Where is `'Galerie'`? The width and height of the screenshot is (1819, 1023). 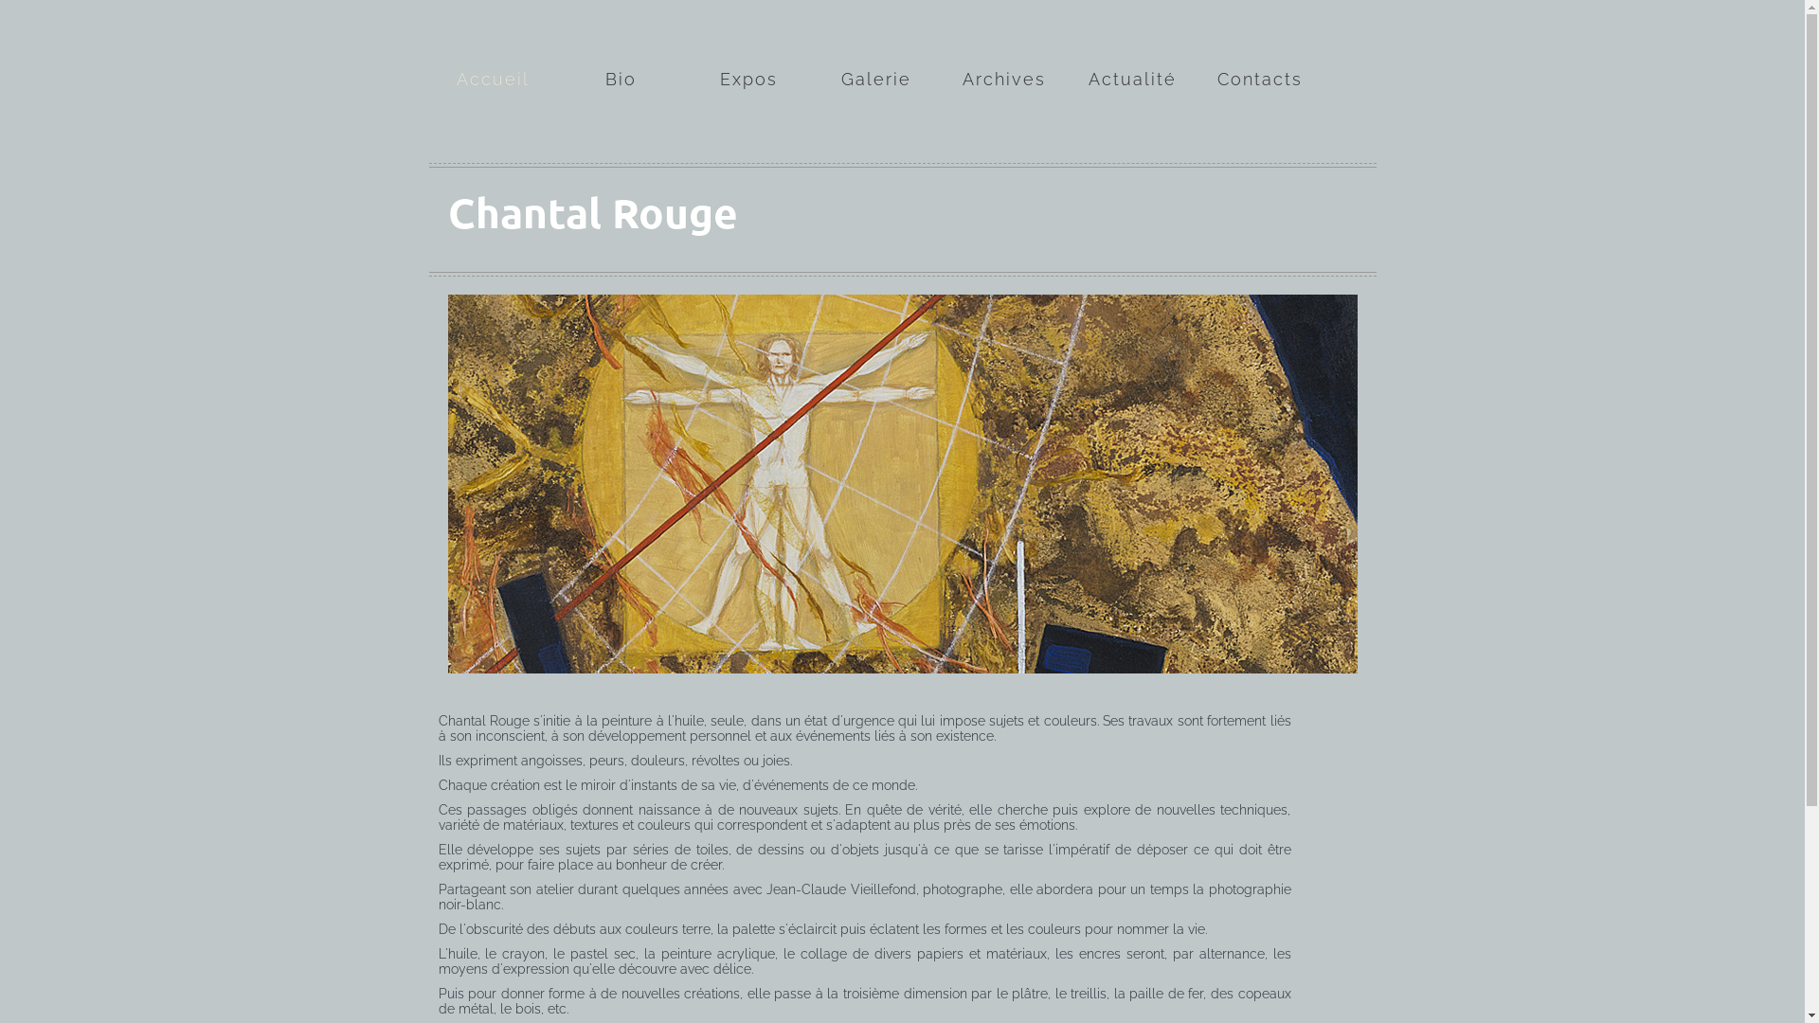 'Galerie' is located at coordinates (875, 51).